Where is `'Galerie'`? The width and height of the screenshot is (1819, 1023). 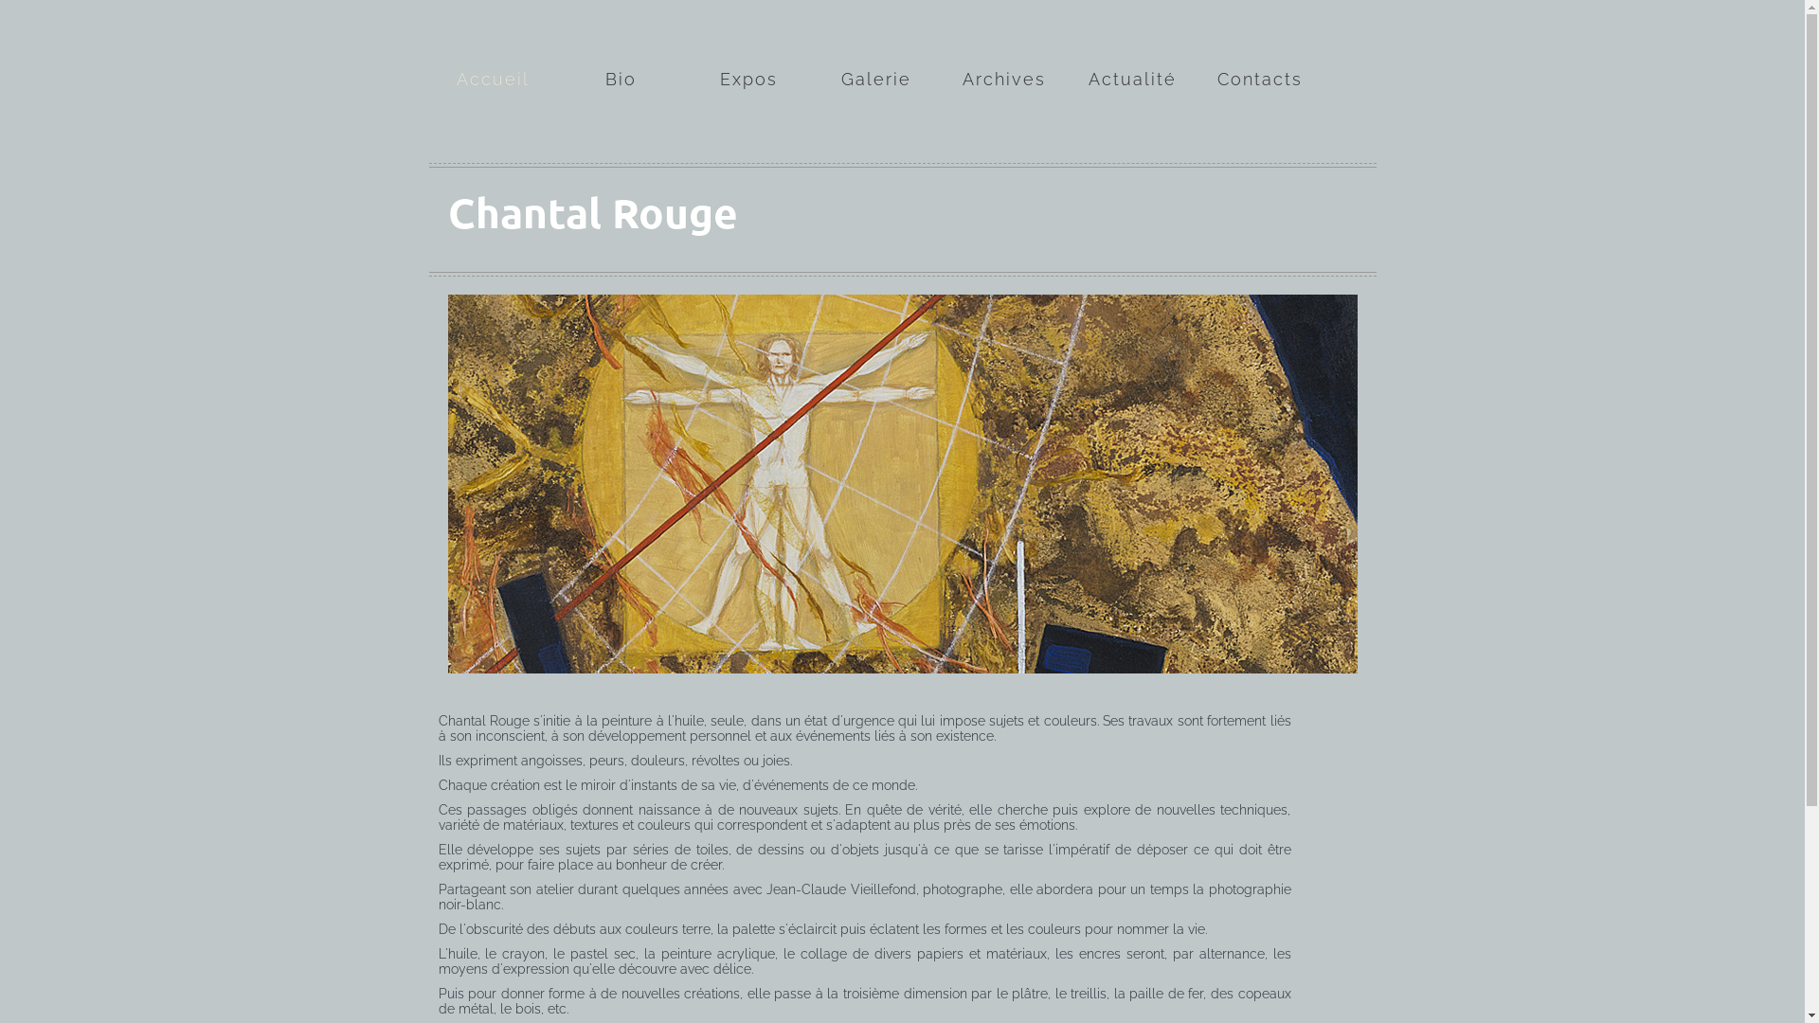 'Galerie' is located at coordinates (875, 51).